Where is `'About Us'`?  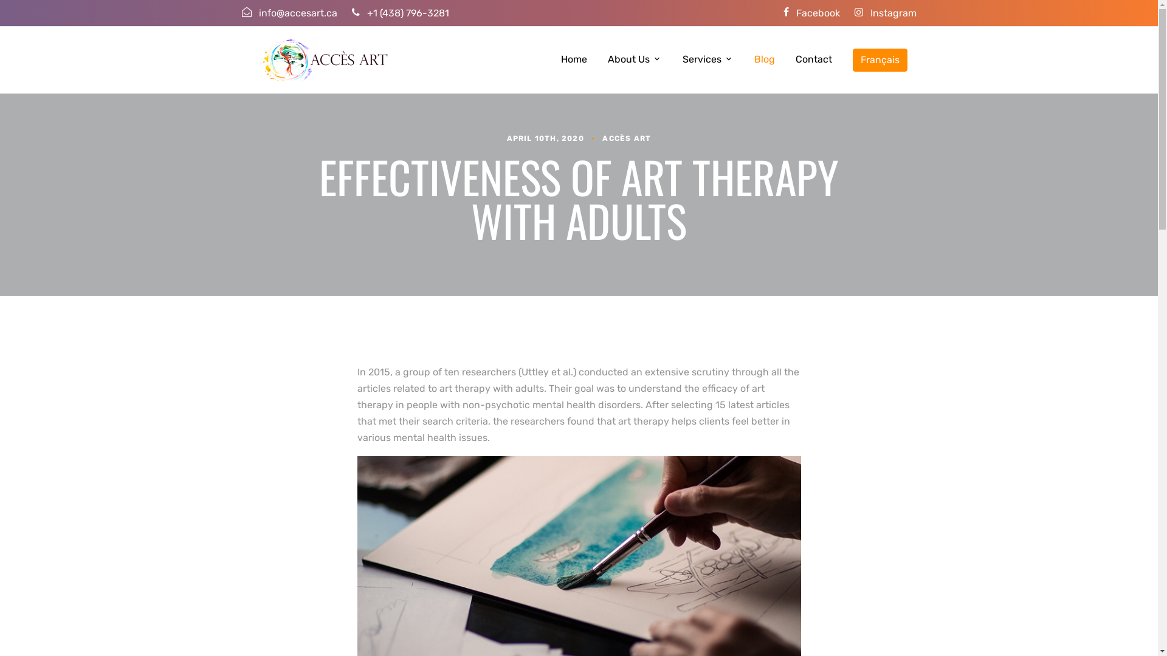
'About Us' is located at coordinates (634, 59).